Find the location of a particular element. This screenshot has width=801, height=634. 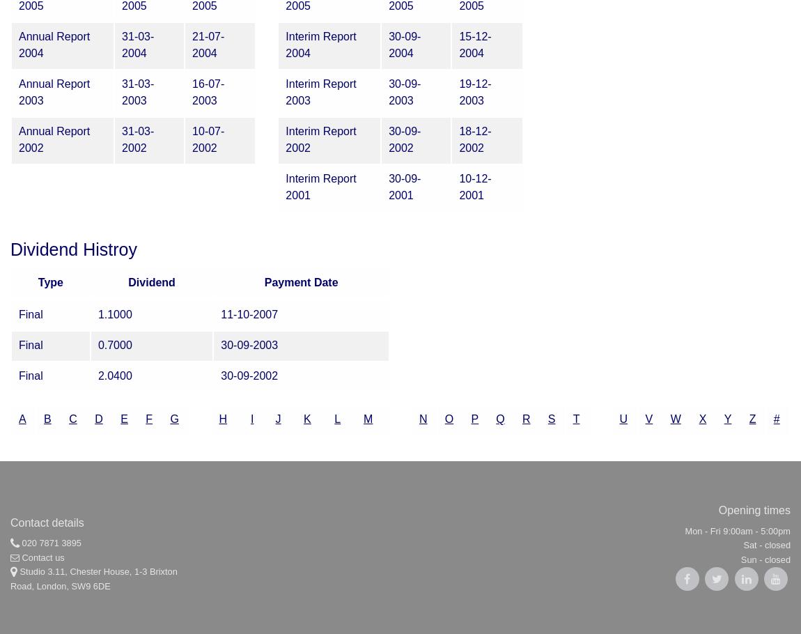

'18-12-2002' is located at coordinates (458, 139).